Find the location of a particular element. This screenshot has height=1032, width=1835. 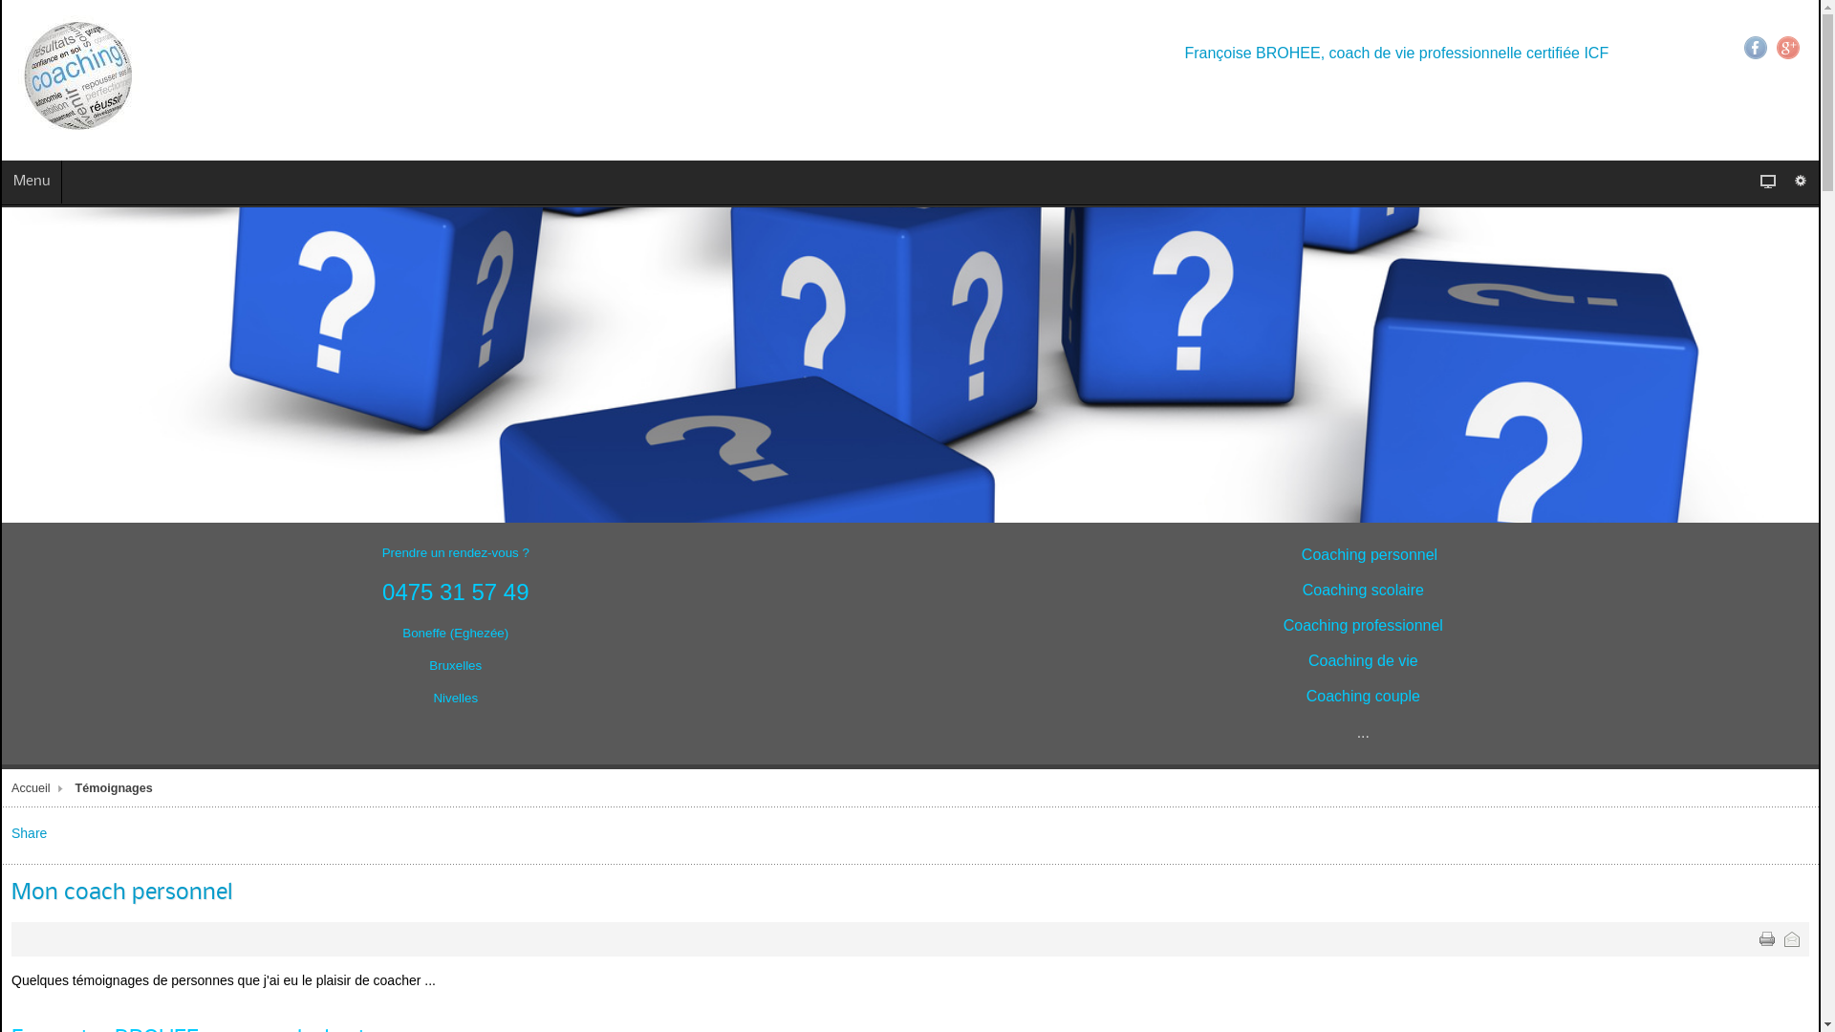

'Imprimer' is located at coordinates (1765, 938).